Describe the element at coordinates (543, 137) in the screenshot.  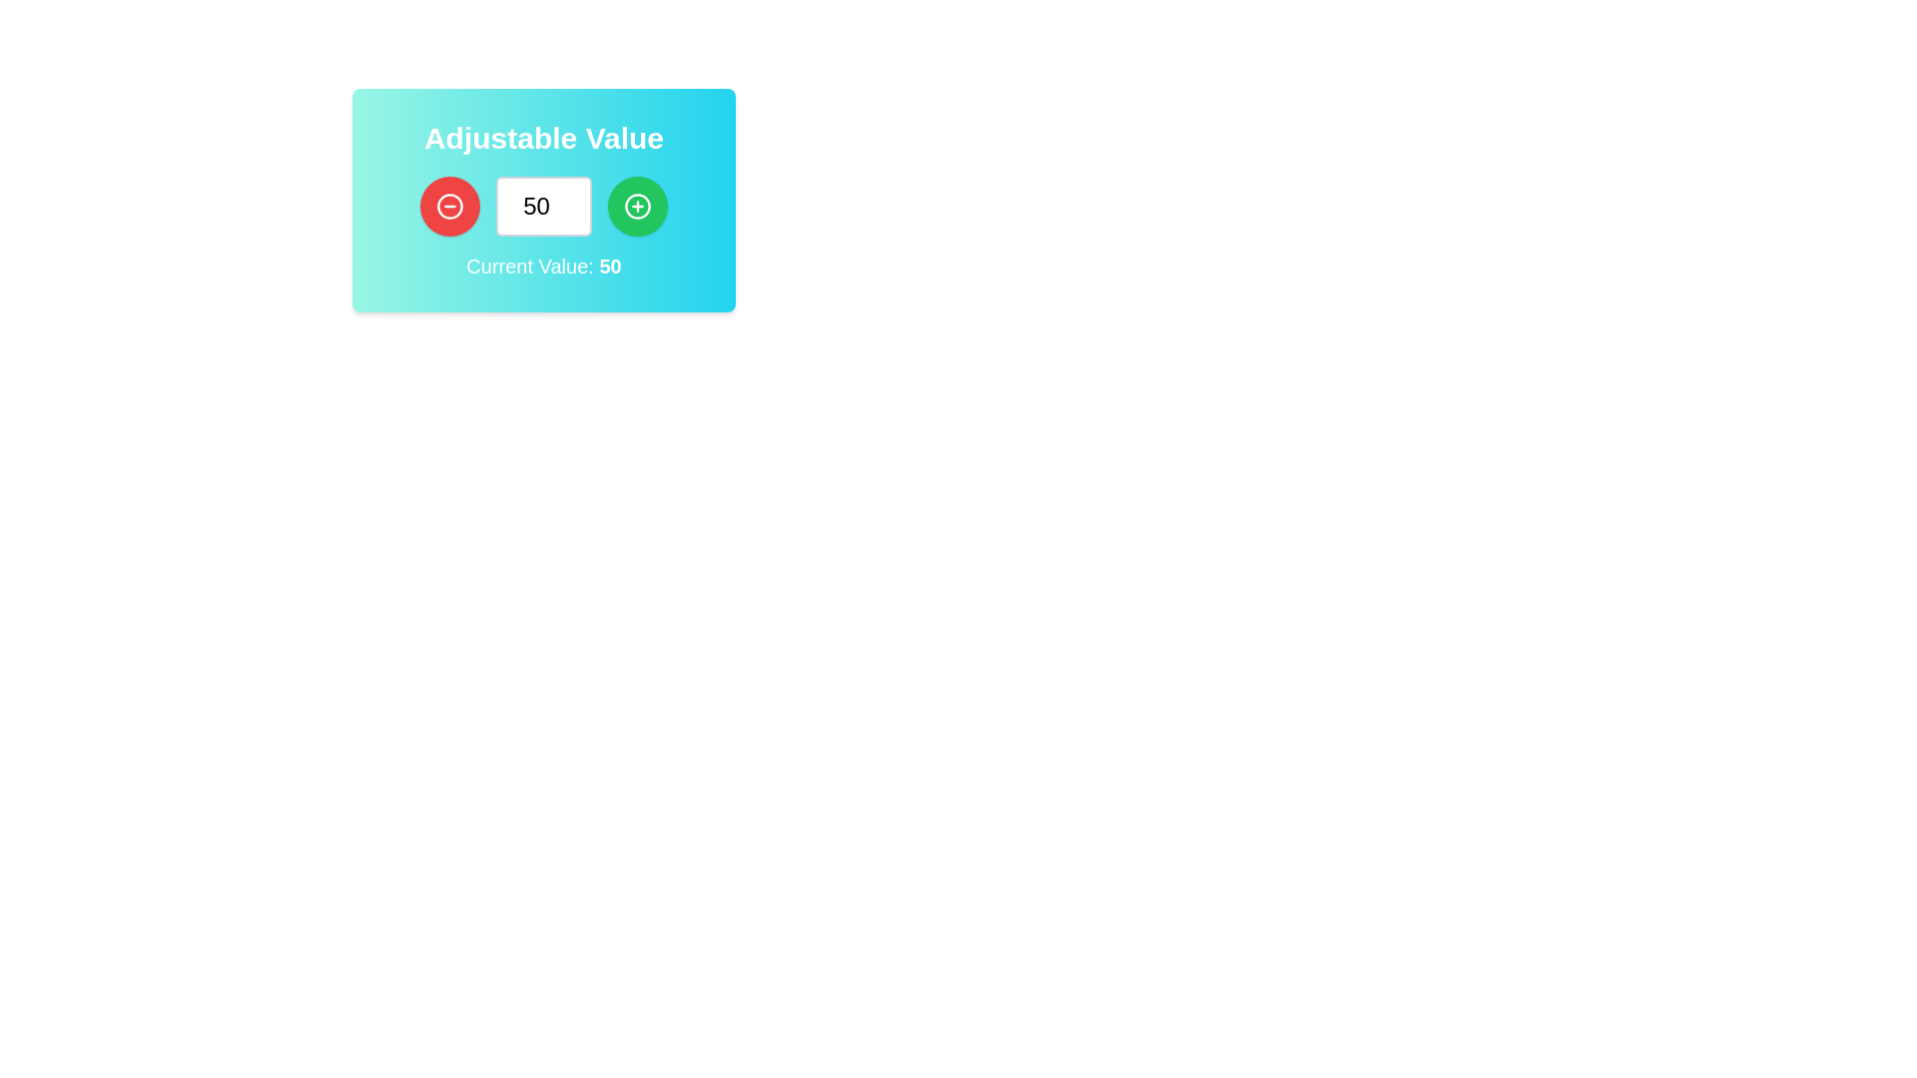
I see `the heading text that reads 'Adjustable Value', which is bold, large, and white, located at the top of the interface with a teal to cyan gradient background` at that location.